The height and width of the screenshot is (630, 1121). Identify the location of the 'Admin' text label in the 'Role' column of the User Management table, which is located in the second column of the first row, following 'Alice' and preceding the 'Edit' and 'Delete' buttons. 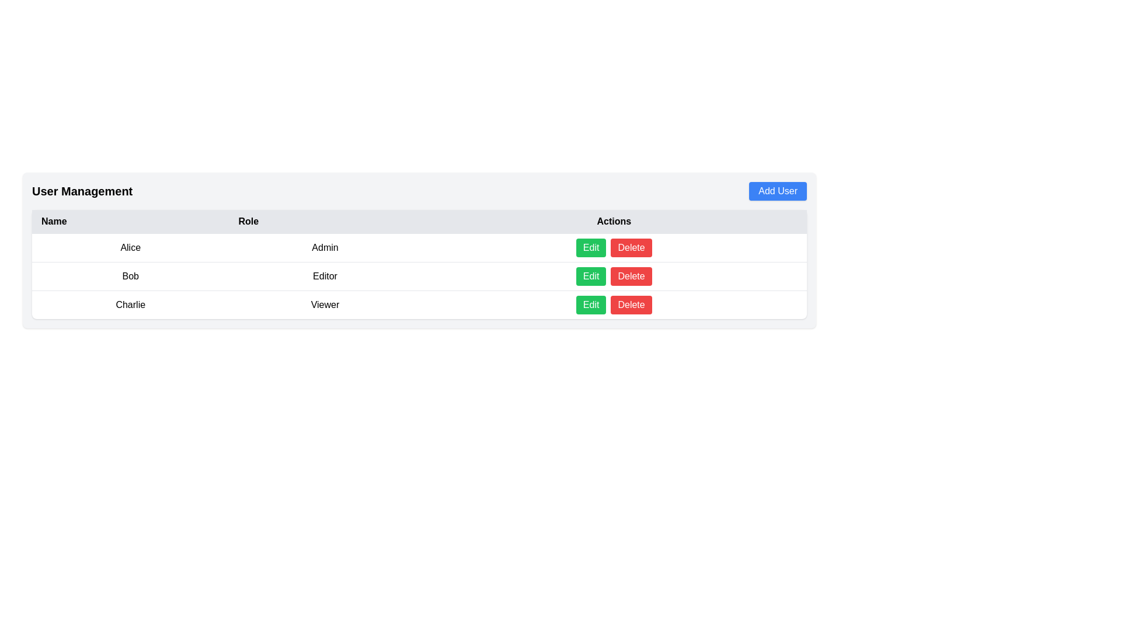
(325, 247).